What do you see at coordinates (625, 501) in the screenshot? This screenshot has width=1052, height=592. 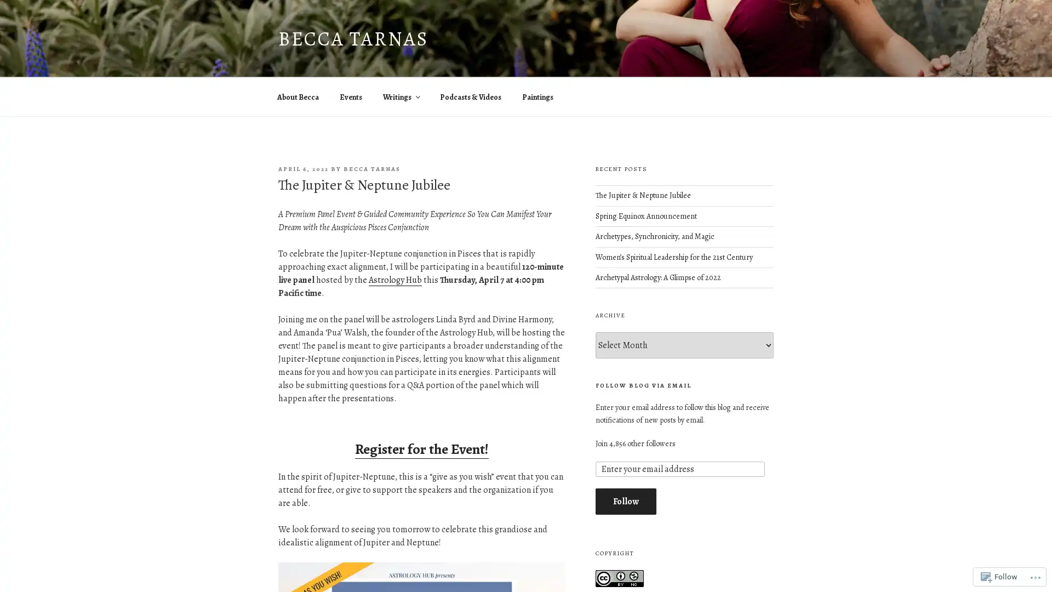 I see `Follow` at bounding box center [625, 501].